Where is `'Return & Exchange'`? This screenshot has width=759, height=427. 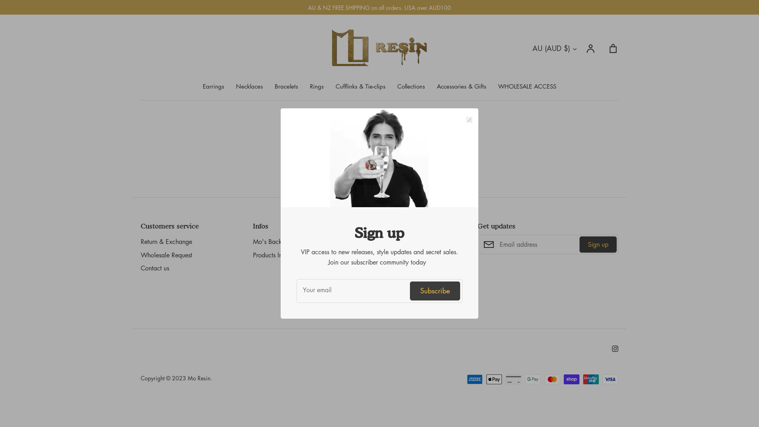 'Return & Exchange' is located at coordinates (140, 242).